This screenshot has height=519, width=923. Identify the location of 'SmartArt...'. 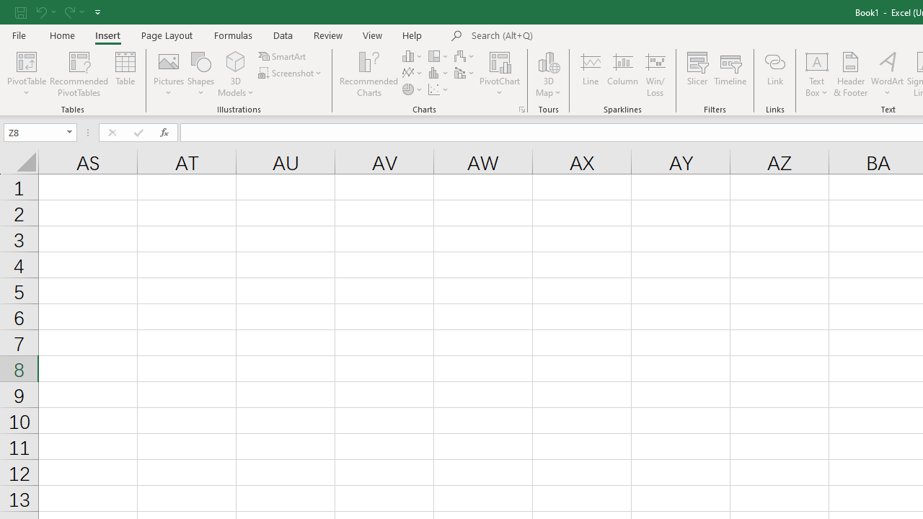
(283, 56).